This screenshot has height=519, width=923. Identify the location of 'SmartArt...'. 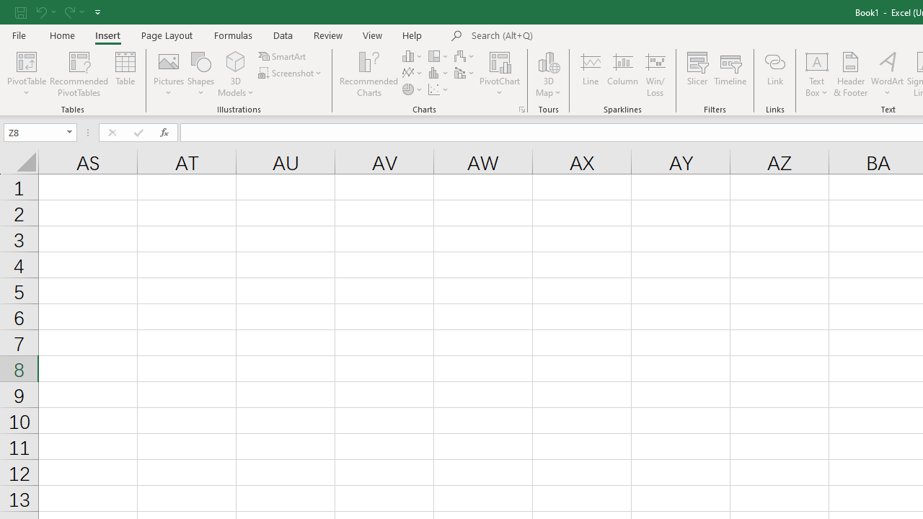
(283, 56).